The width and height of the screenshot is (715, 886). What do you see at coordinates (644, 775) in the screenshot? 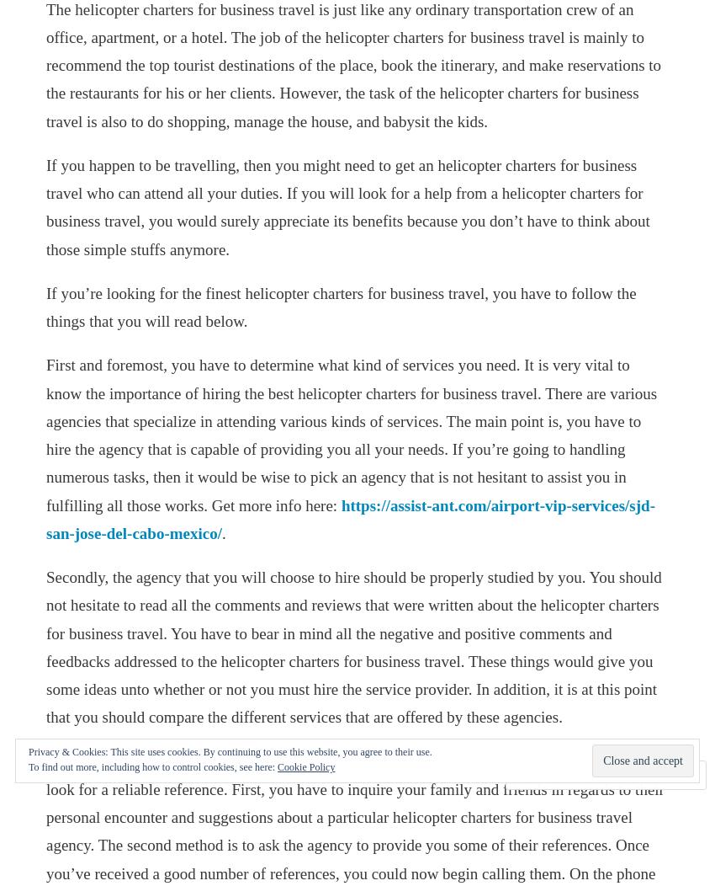
I see `'Follow'` at bounding box center [644, 775].